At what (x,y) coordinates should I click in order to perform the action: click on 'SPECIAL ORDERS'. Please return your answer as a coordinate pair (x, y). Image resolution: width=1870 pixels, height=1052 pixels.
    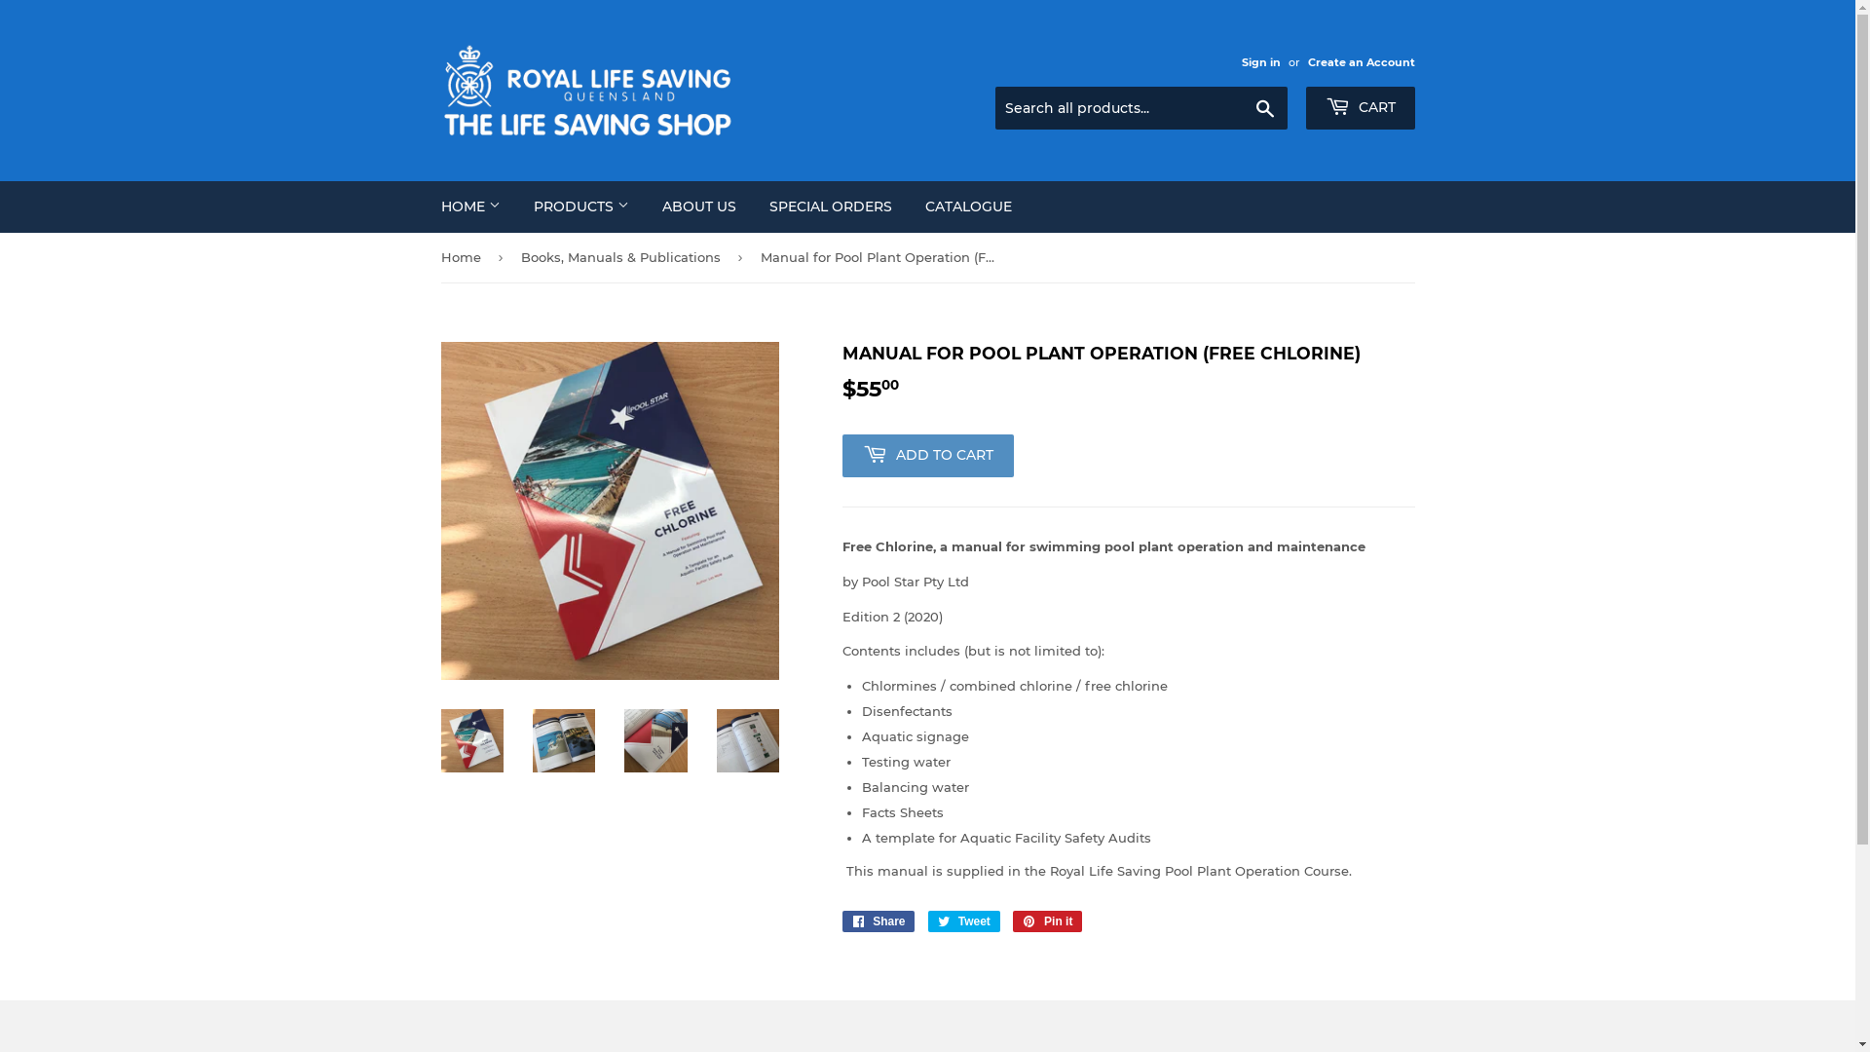
    Looking at the image, I should click on (829, 207).